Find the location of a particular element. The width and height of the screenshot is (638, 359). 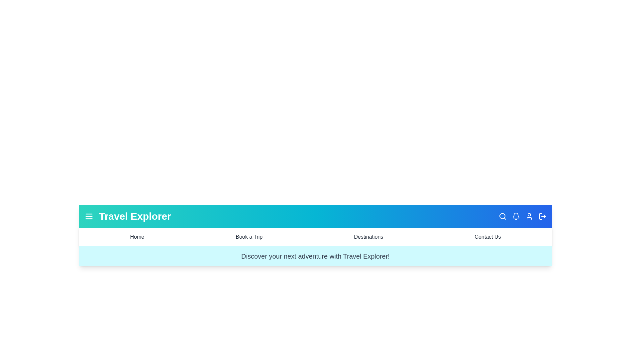

the navigation link labeled Book a Trip is located at coordinates (249, 237).